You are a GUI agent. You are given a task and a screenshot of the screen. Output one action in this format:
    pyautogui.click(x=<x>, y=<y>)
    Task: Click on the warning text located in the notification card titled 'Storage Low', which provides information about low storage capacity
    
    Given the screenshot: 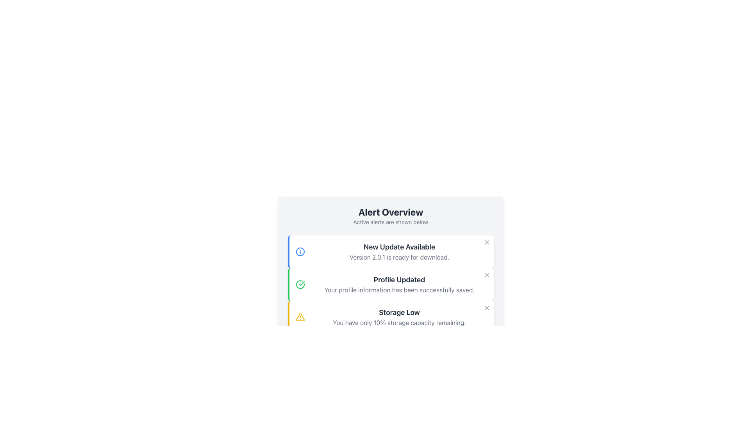 What is the action you would take?
    pyautogui.click(x=399, y=323)
    